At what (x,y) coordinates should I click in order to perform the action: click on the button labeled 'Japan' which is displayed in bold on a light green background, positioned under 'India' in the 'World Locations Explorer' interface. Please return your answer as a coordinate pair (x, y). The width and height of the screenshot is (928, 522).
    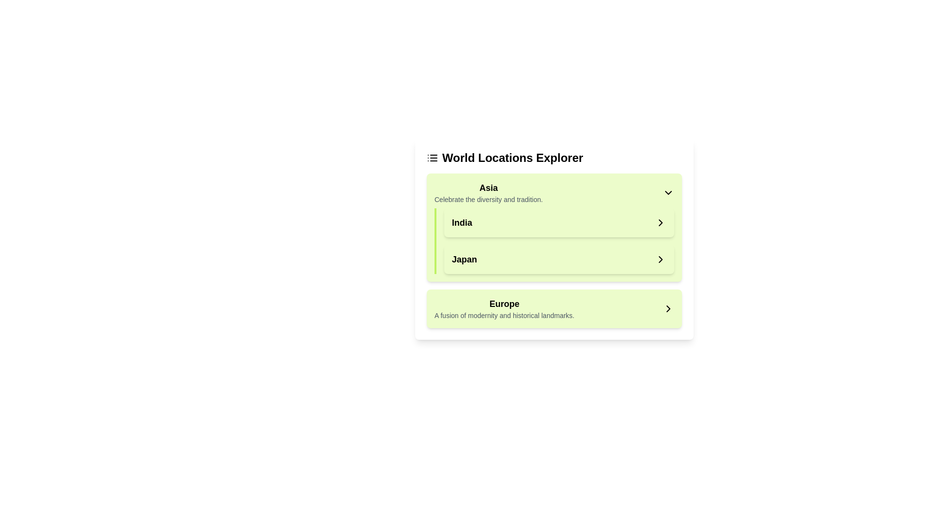
    Looking at the image, I should click on (559, 259).